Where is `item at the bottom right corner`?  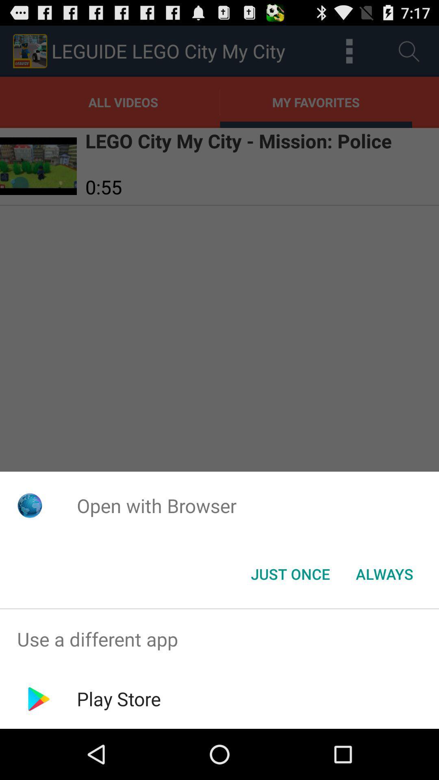 item at the bottom right corner is located at coordinates (384, 573).